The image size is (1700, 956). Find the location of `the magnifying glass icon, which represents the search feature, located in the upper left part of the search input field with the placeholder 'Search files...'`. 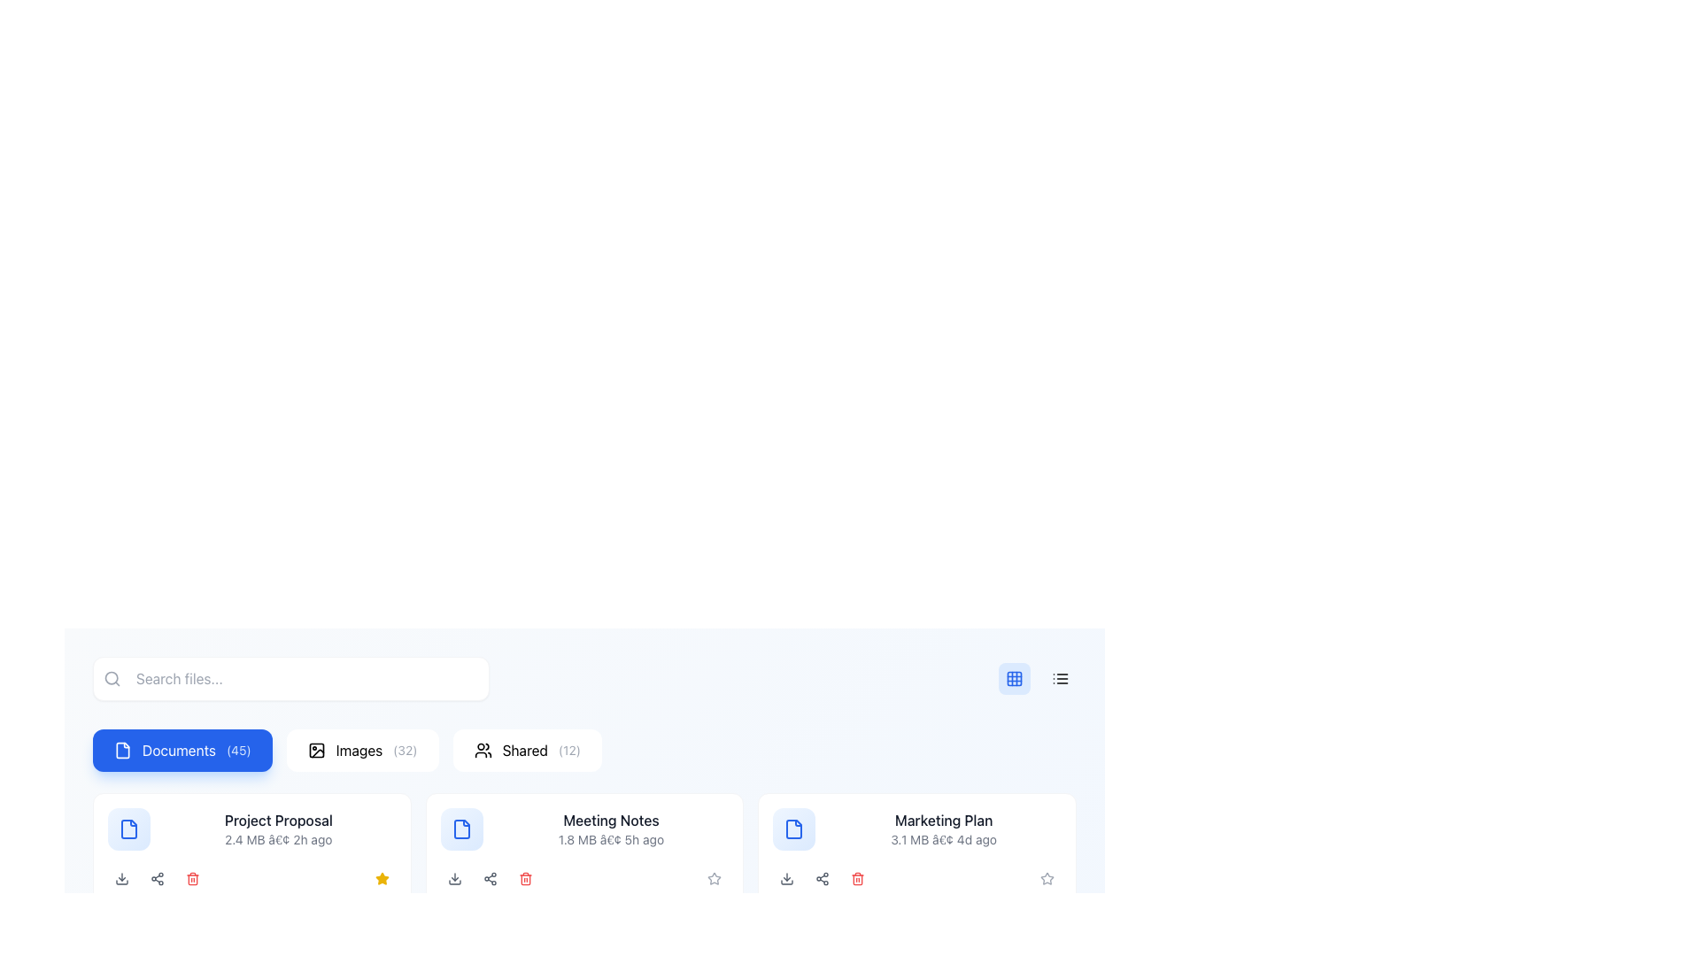

the magnifying glass icon, which represents the search feature, located in the upper left part of the search input field with the placeholder 'Search files...' is located at coordinates (111, 678).